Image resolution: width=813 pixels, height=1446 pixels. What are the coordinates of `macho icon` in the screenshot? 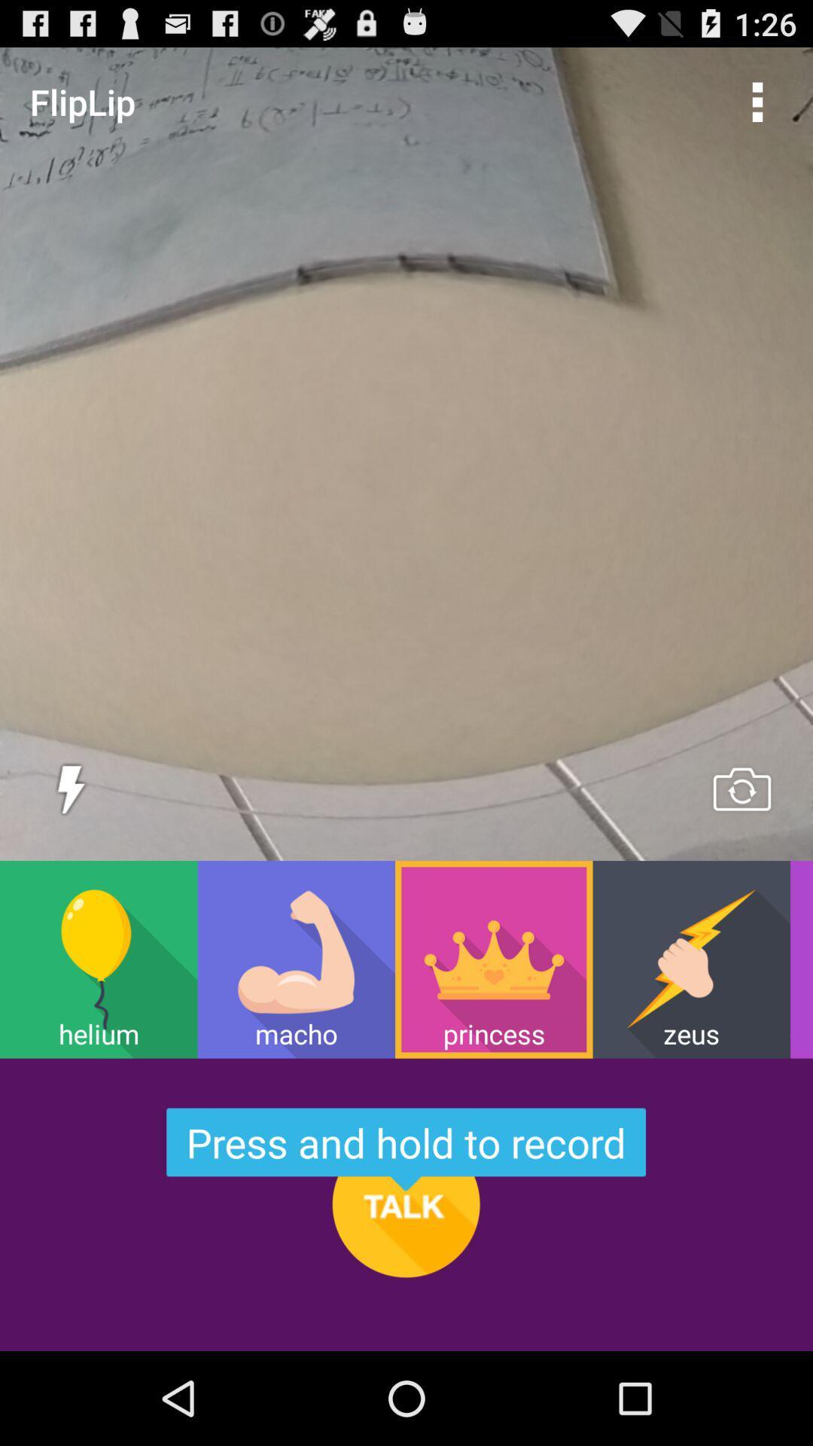 It's located at (296, 959).